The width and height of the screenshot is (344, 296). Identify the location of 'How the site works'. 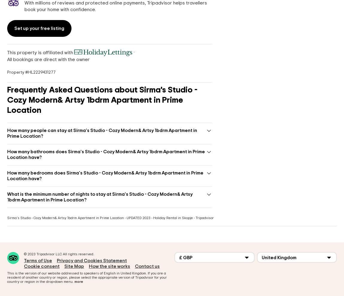
(109, 266).